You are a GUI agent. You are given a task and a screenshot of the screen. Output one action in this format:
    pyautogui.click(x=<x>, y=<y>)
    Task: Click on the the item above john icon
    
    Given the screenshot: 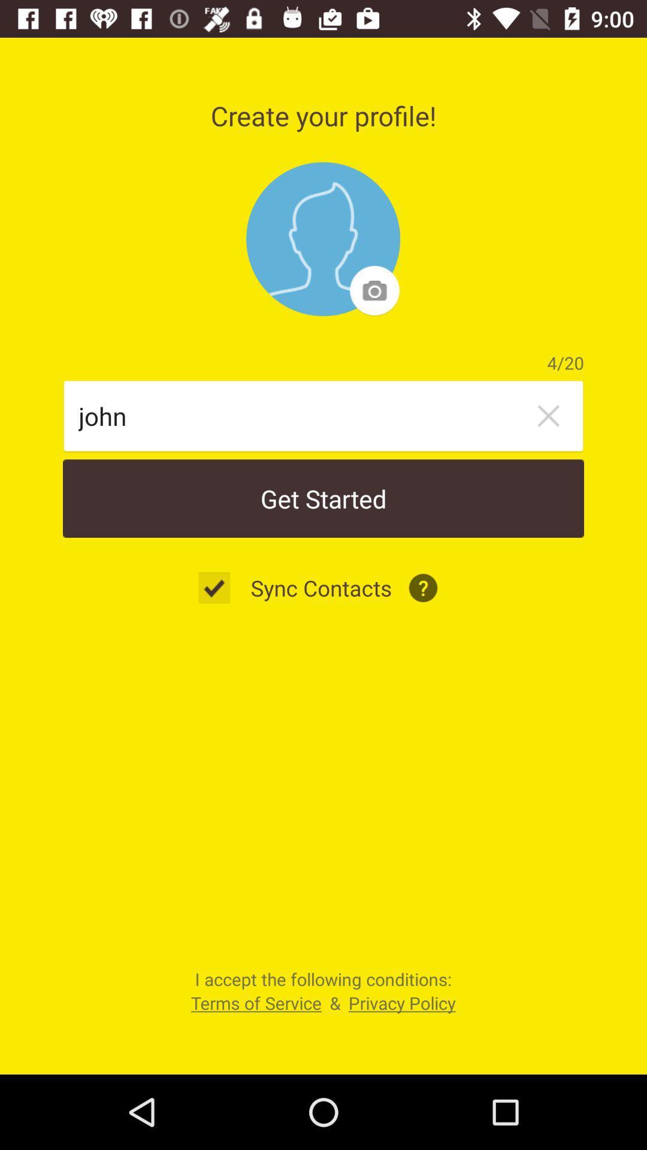 What is the action you would take?
    pyautogui.click(x=322, y=239)
    